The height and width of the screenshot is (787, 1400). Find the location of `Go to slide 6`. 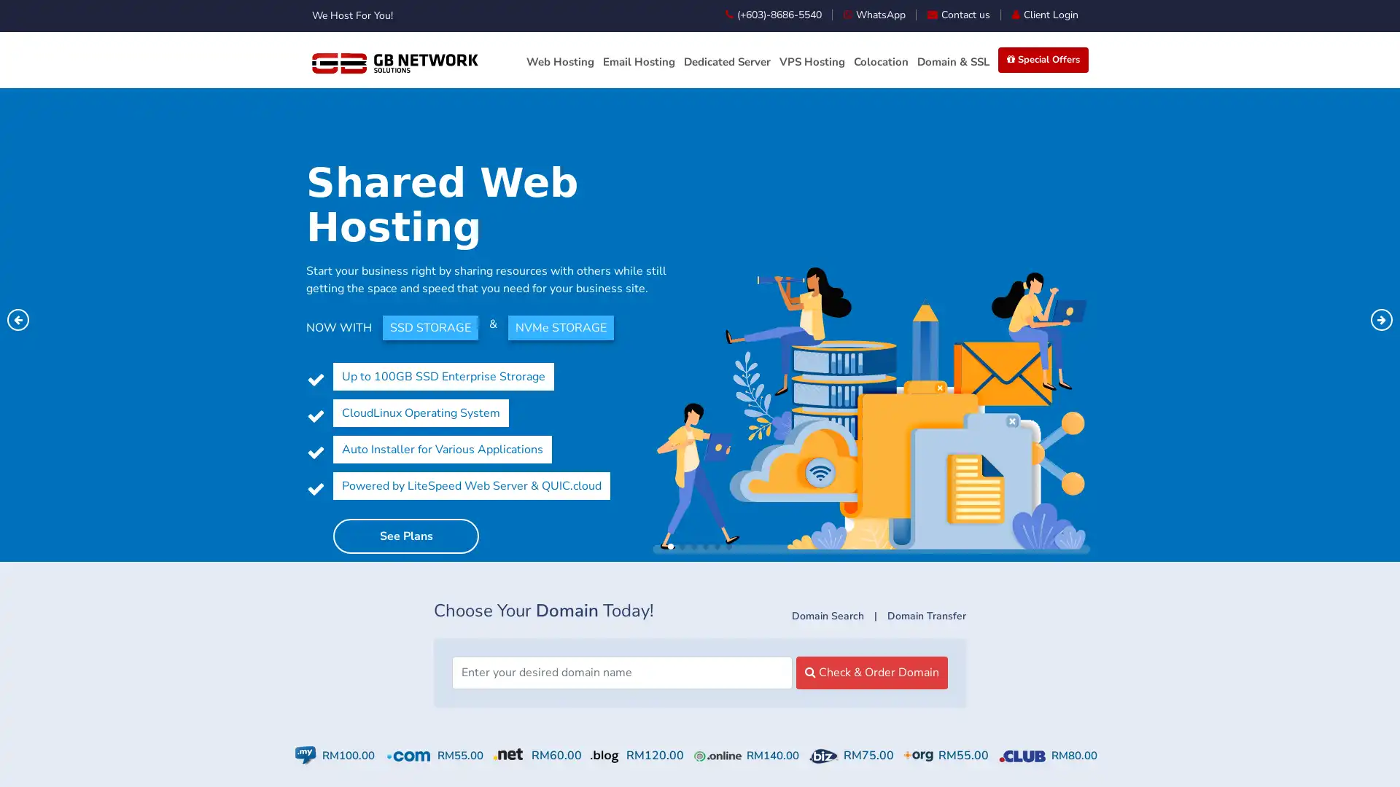

Go to slide 6 is located at coordinates (728, 546).